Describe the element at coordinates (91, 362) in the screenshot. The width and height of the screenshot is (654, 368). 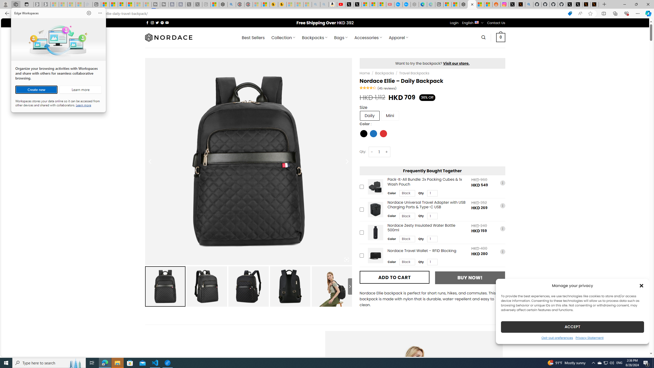
I see `'Task View'` at that location.